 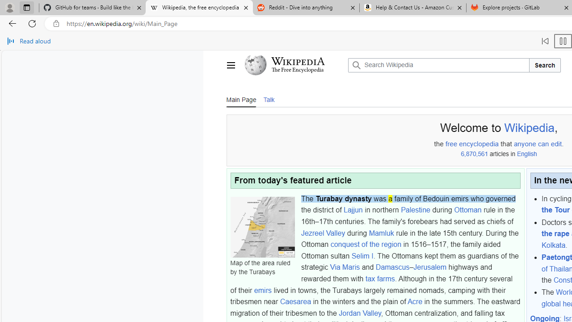 I want to click on 'Main Page', so click(x=241, y=99).